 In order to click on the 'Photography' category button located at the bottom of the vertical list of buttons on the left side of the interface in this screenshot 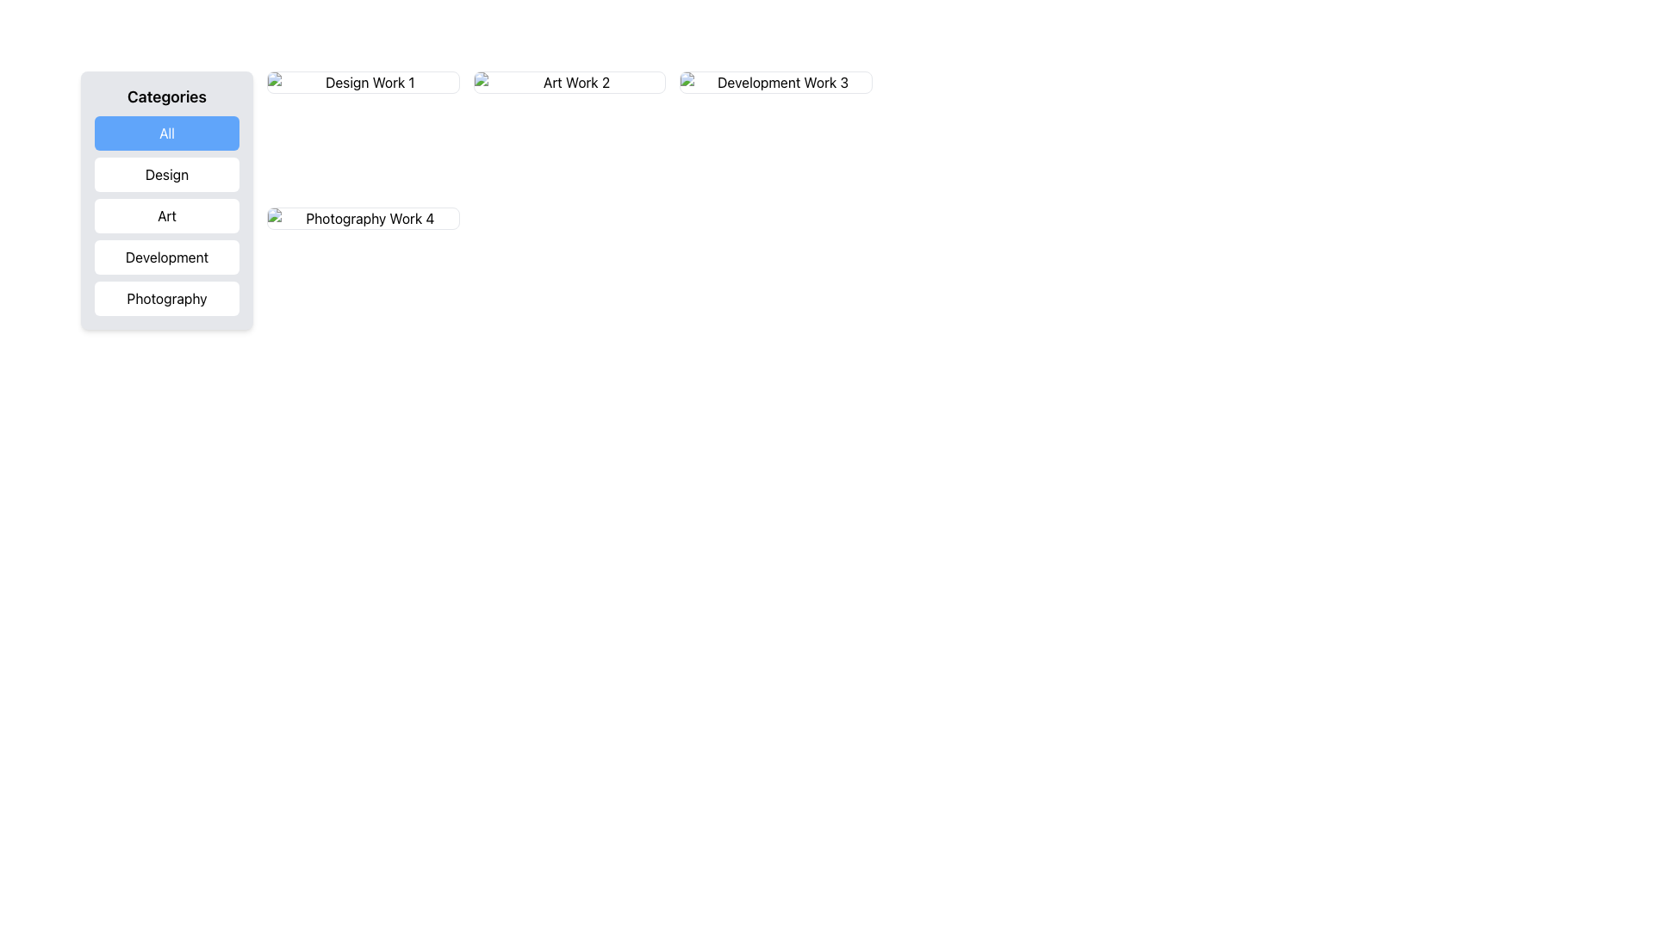, I will do `click(166, 298)`.